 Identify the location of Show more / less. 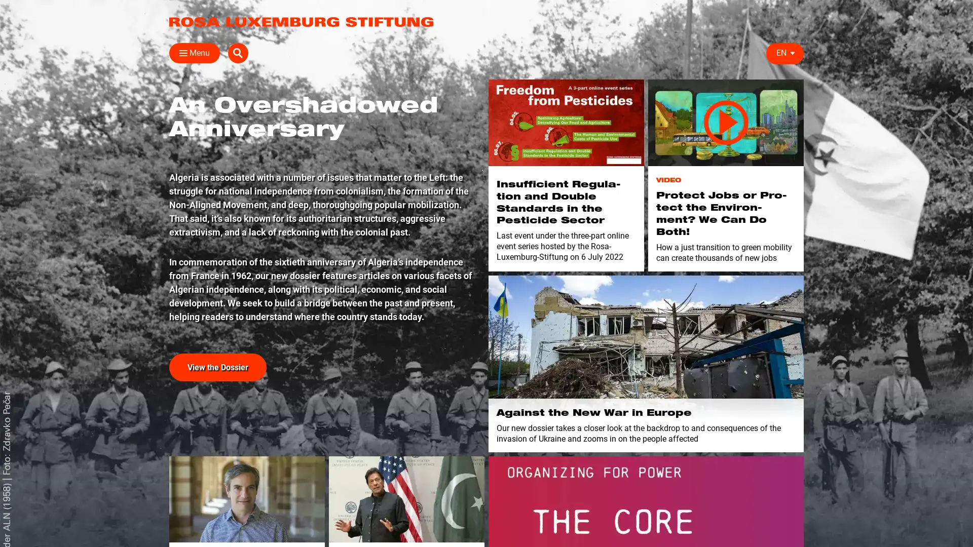
(323, 167).